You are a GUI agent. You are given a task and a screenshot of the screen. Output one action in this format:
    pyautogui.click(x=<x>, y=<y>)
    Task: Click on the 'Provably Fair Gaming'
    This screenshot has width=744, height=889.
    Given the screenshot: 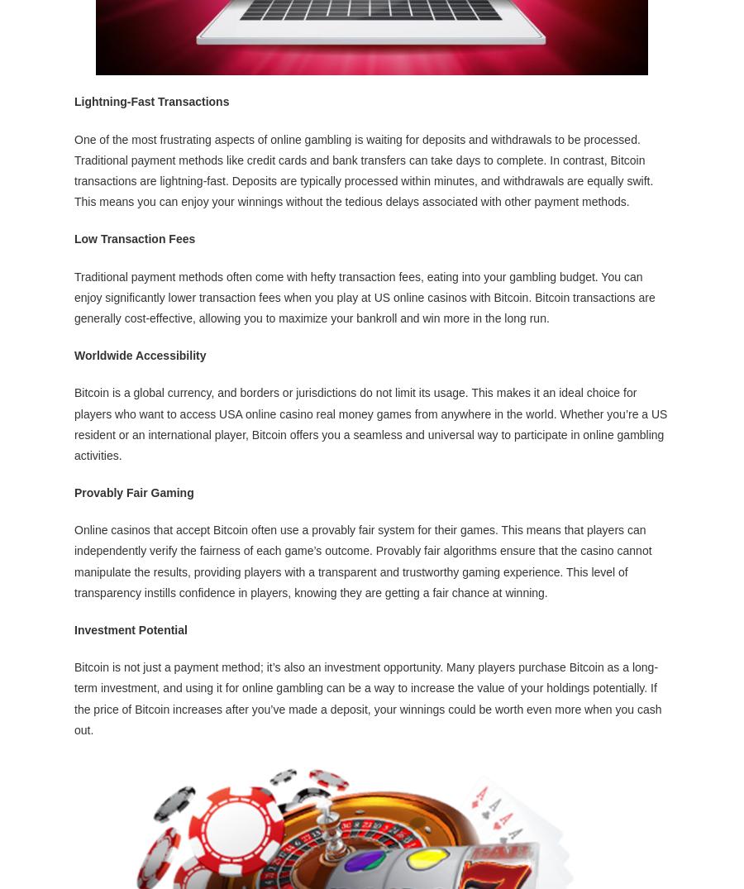 What is the action you would take?
    pyautogui.click(x=74, y=491)
    